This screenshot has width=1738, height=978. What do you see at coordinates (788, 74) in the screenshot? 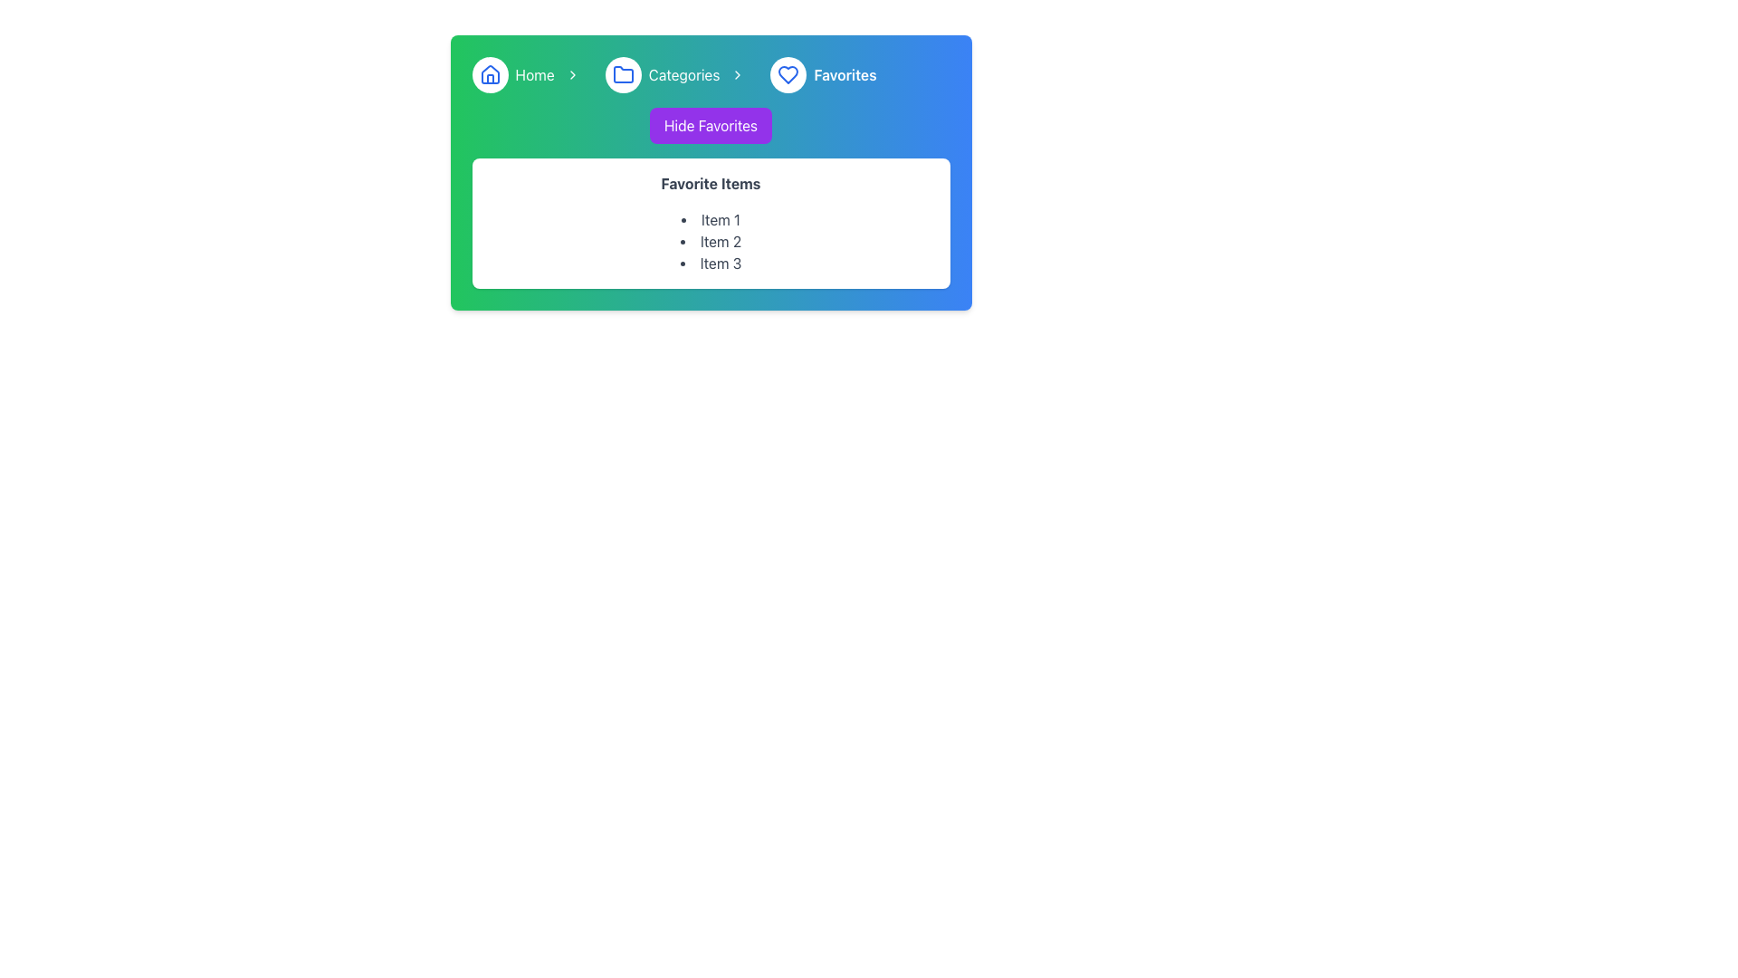
I see `the Icon Button related to favorites functionality, positioned on the navigation bar between 'Categories' and 'Favorites'` at bounding box center [788, 74].